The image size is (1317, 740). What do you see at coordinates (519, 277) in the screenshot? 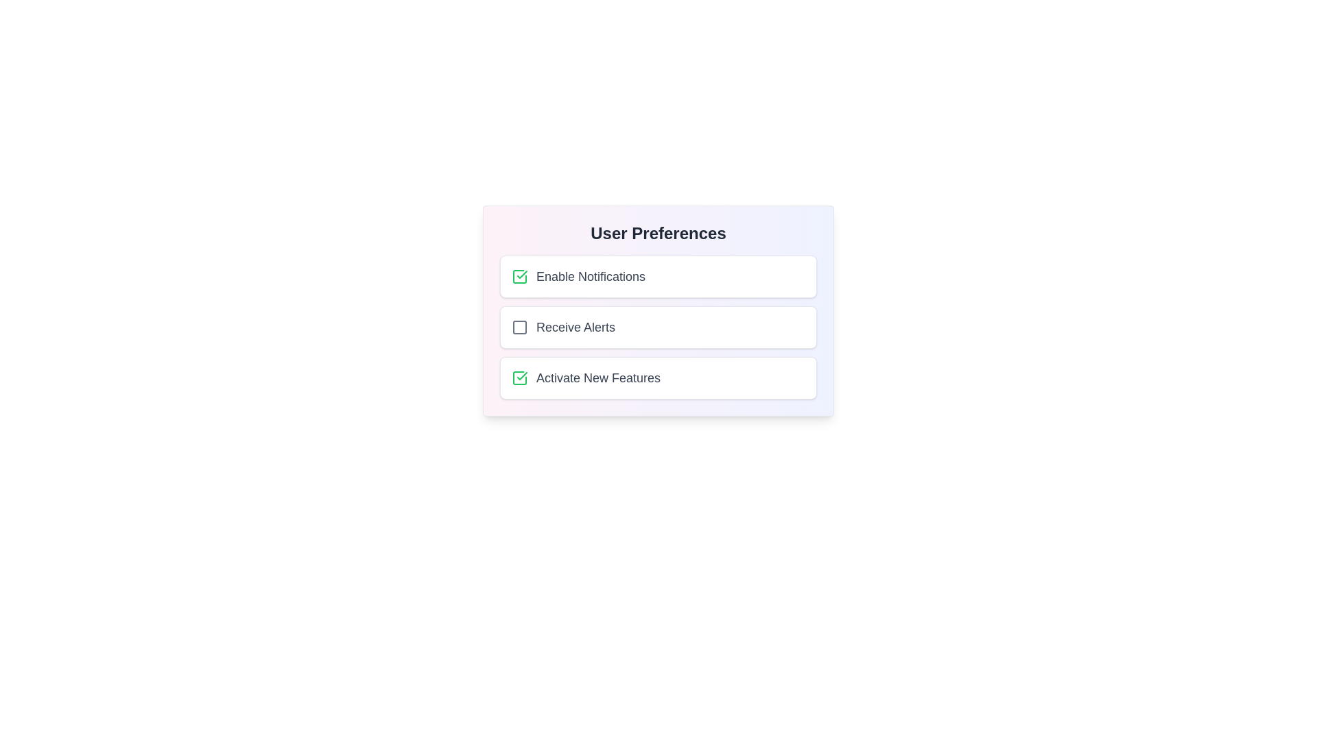
I see `the checkbox with a green checkmark inside` at bounding box center [519, 277].